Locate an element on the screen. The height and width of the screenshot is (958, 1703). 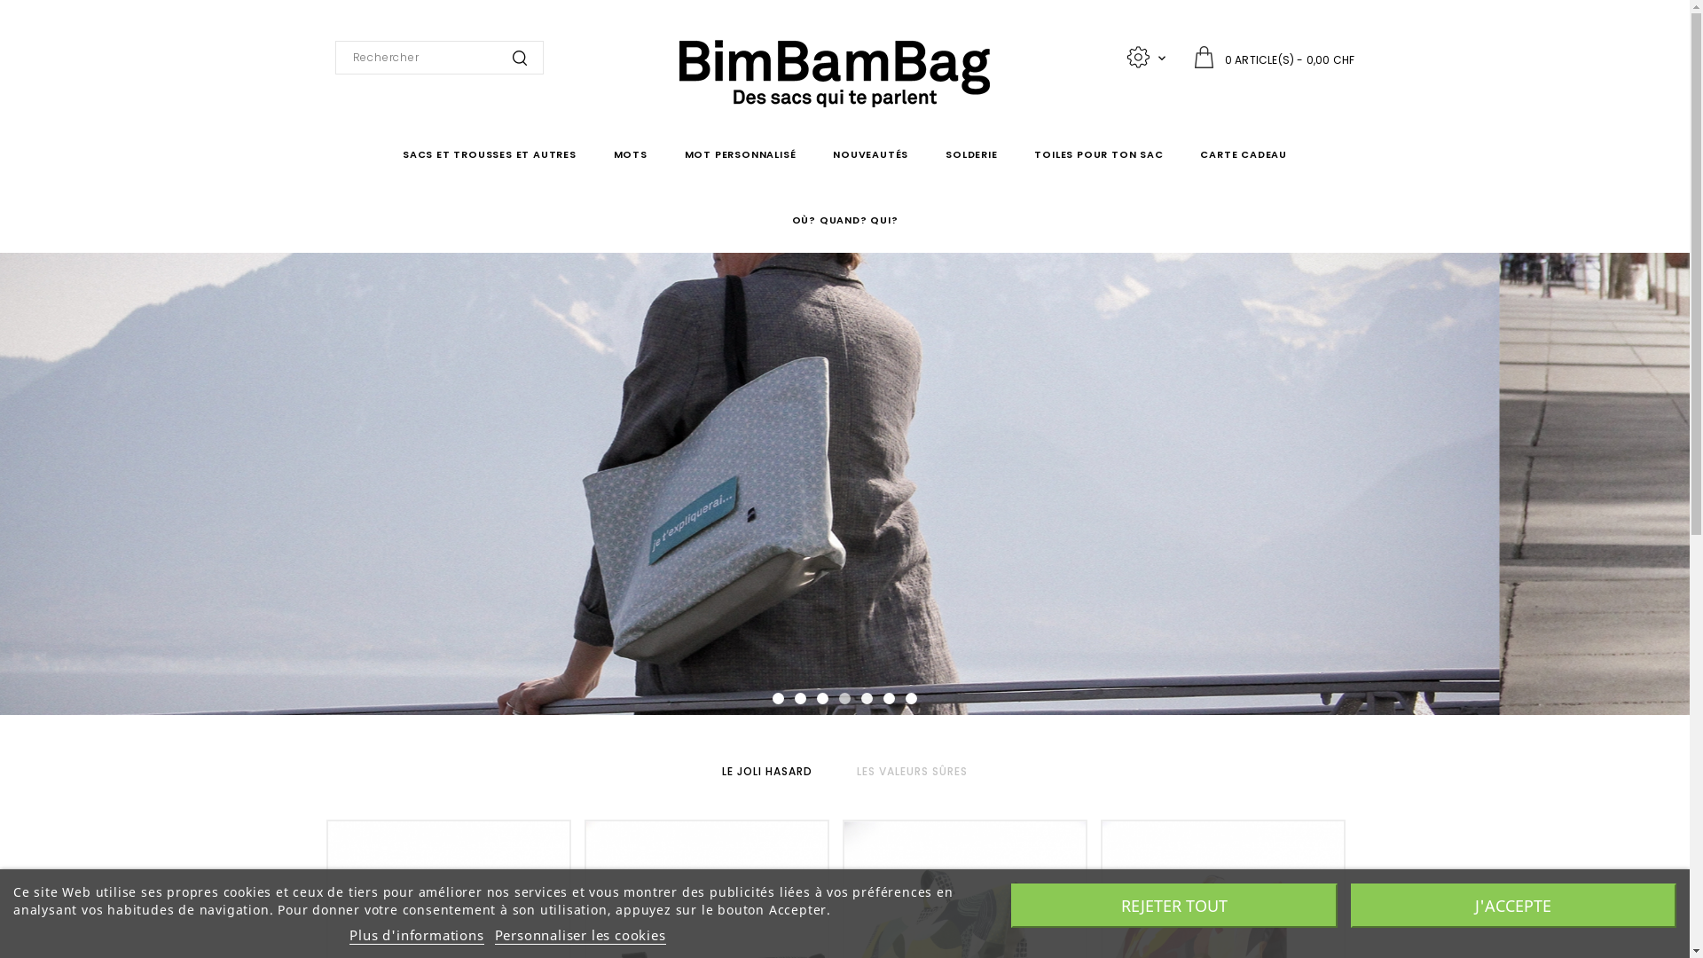
'shopping_cart is located at coordinates (1273, 57).